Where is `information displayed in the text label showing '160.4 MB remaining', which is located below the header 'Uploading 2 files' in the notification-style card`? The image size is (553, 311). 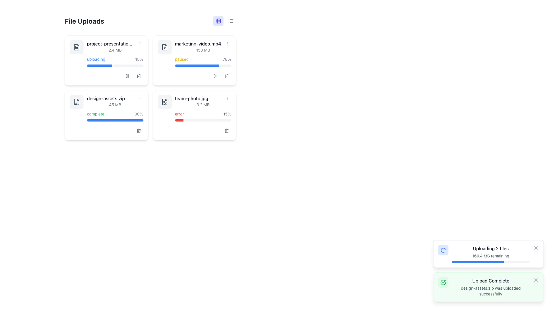 information displayed in the text label showing '160.4 MB remaining', which is located below the header 'Uploading 2 files' in the notification-style card is located at coordinates (490, 255).